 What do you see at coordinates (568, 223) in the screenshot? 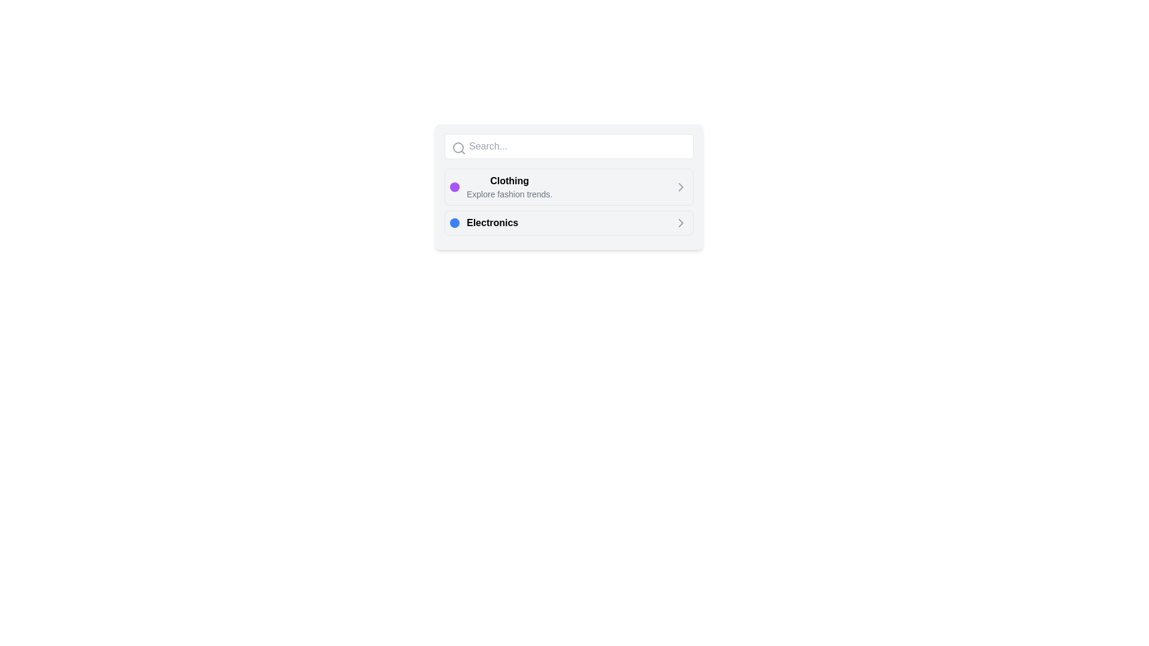
I see `the 'Electronics' navigation link located below the 'Clothing' category` at bounding box center [568, 223].